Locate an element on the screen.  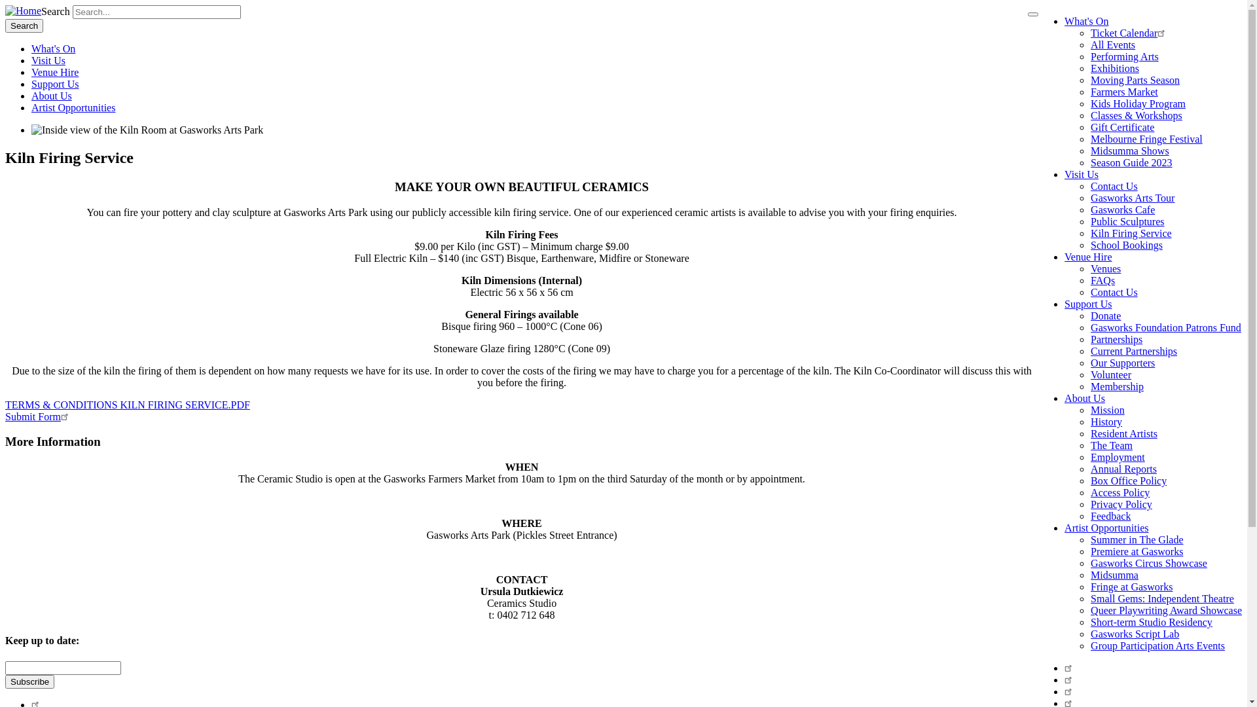
'FAQs' is located at coordinates (1102, 280).